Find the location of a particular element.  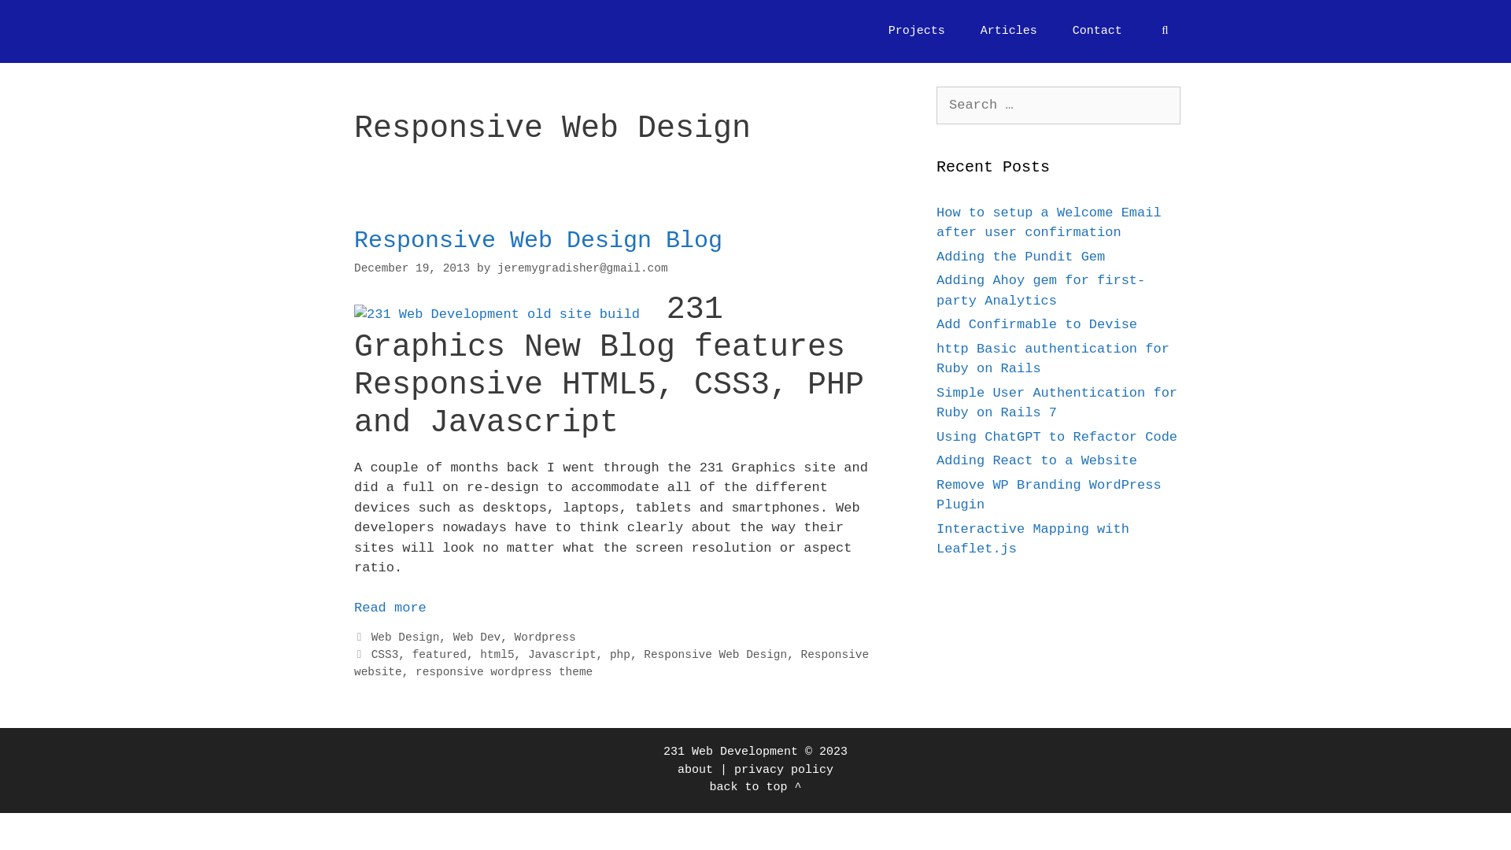

'php' is located at coordinates (619, 655).